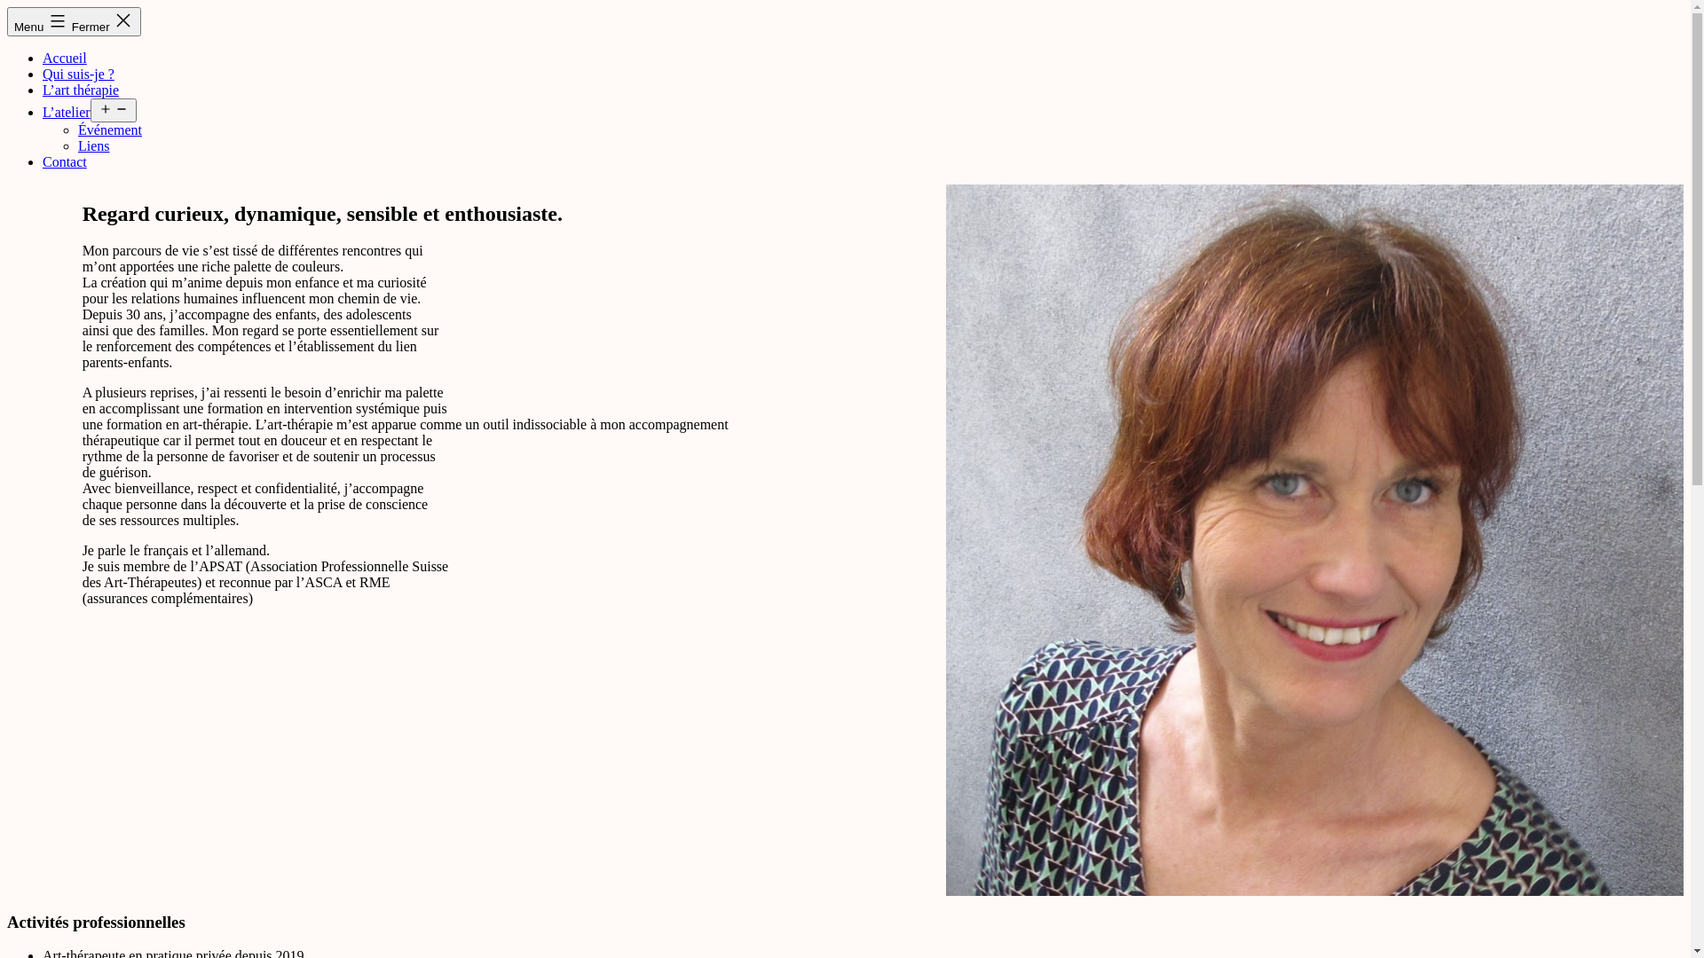  I want to click on 'Accueil', so click(64, 57).